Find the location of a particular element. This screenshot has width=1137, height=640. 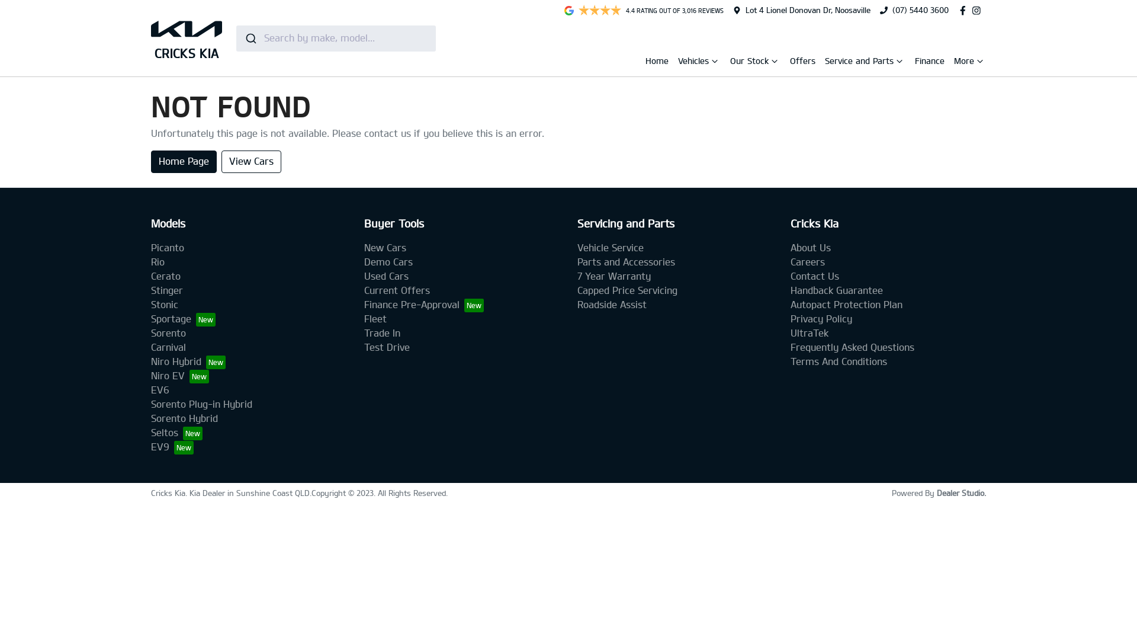

'Sorento Plug-in Hybrid' is located at coordinates (201, 404).